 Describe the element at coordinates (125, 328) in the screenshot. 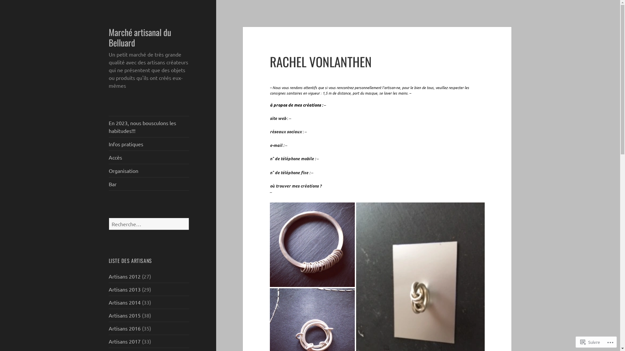

I see `'Artisans 2016'` at that location.